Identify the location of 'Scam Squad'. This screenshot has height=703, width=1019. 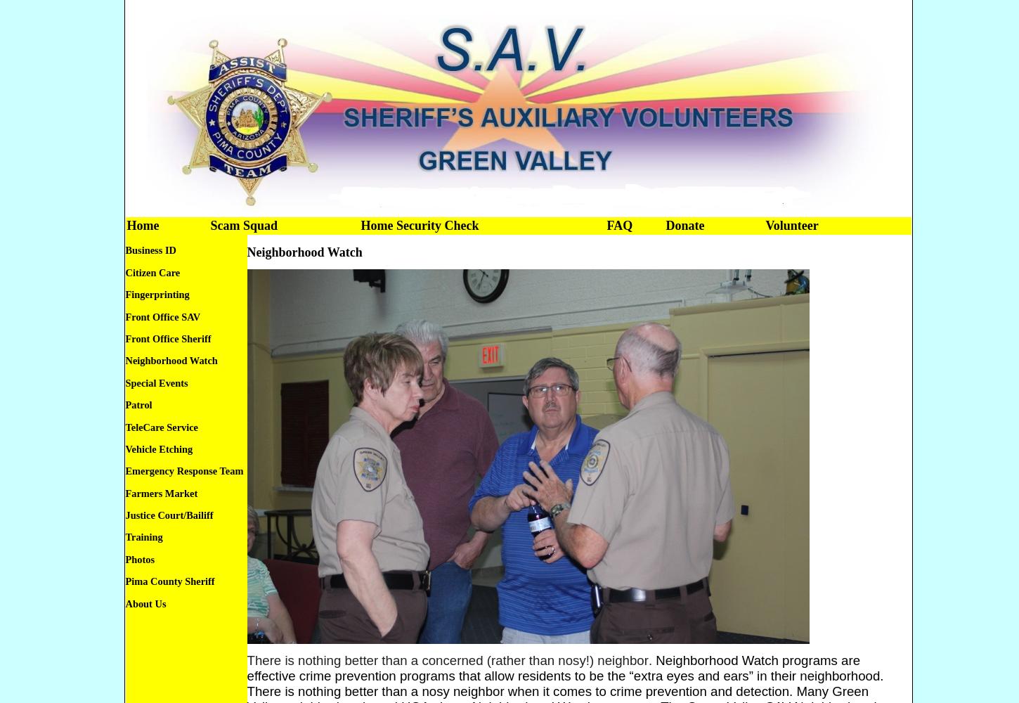
(209, 225).